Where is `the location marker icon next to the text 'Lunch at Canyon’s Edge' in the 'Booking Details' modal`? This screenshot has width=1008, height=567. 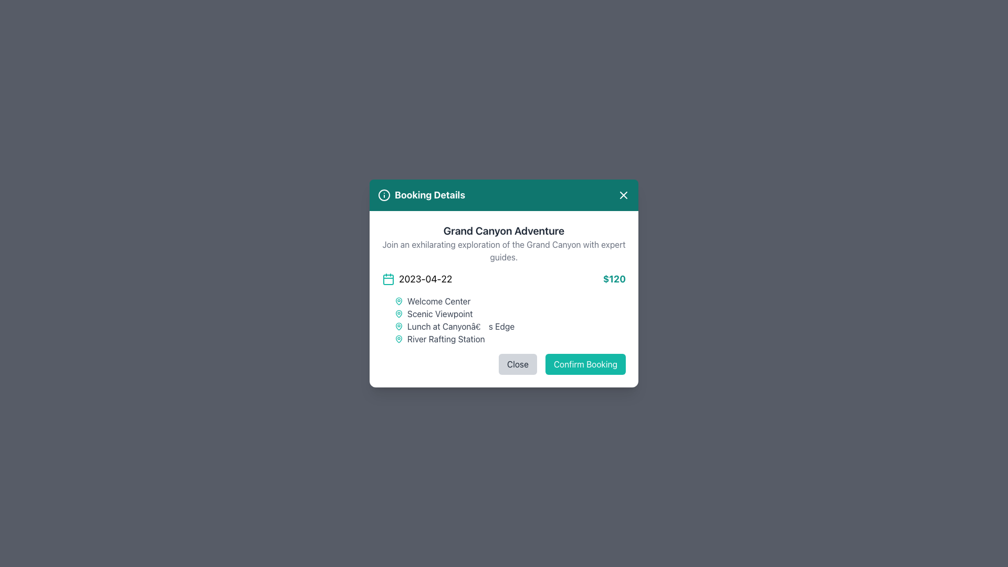
the location marker icon next to the text 'Lunch at Canyon’s Edge' in the 'Booking Details' modal is located at coordinates (398, 325).